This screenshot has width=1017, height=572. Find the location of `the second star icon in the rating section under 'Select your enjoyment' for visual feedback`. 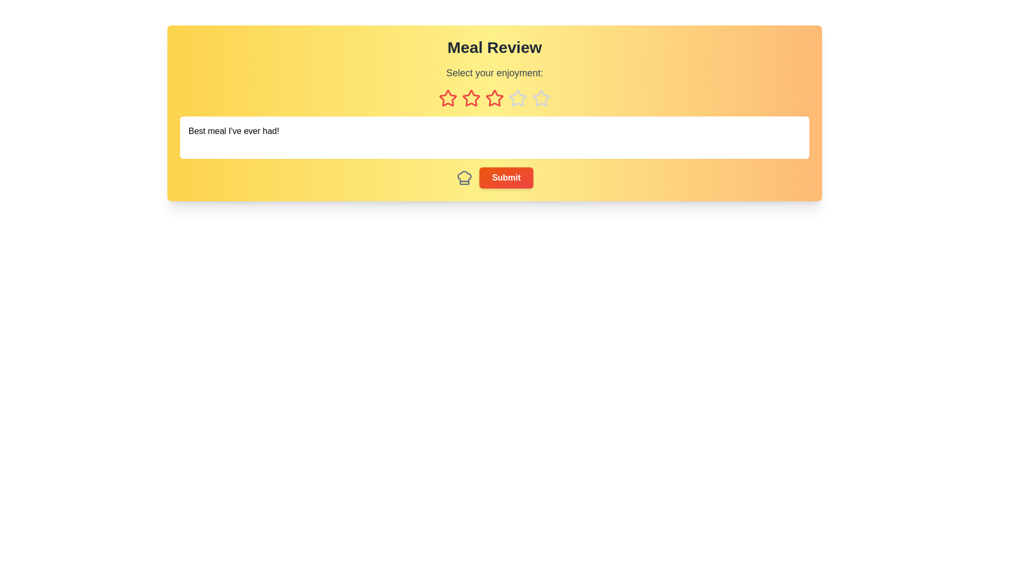

the second star icon in the rating section under 'Select your enjoyment' for visual feedback is located at coordinates (470, 98).